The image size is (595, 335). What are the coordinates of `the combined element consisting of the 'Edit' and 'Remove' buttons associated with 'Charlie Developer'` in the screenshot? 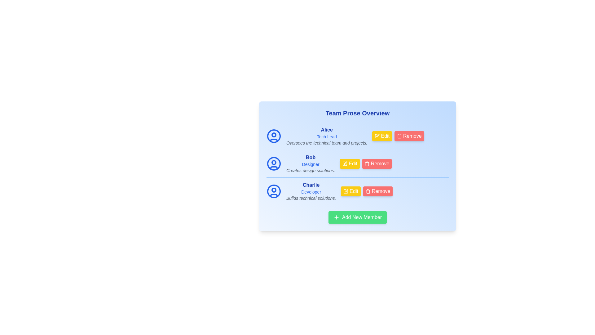 It's located at (367, 191).